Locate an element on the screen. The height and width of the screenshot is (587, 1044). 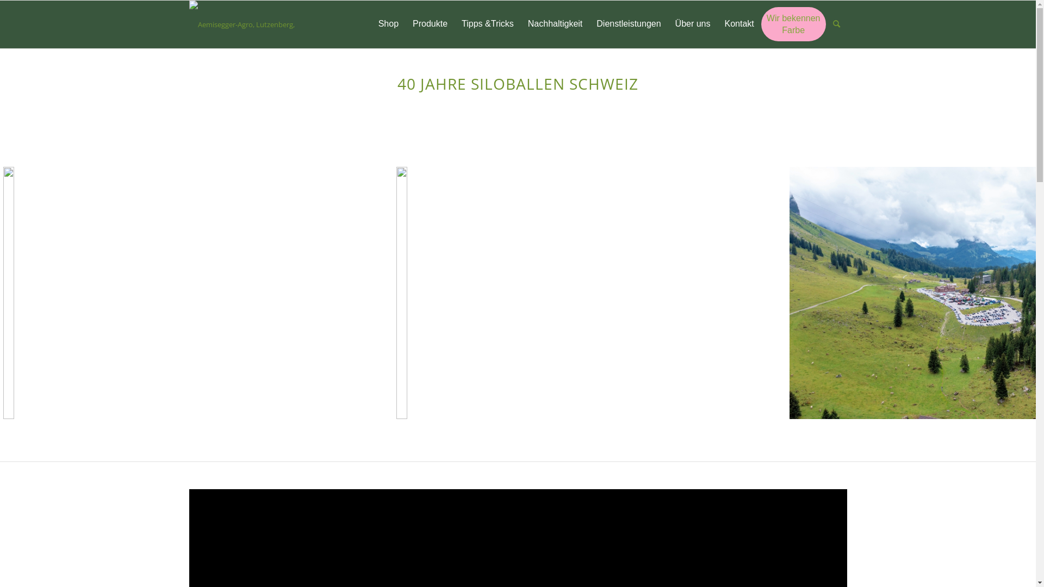
'A1_07872gehrig' is located at coordinates (192, 292).